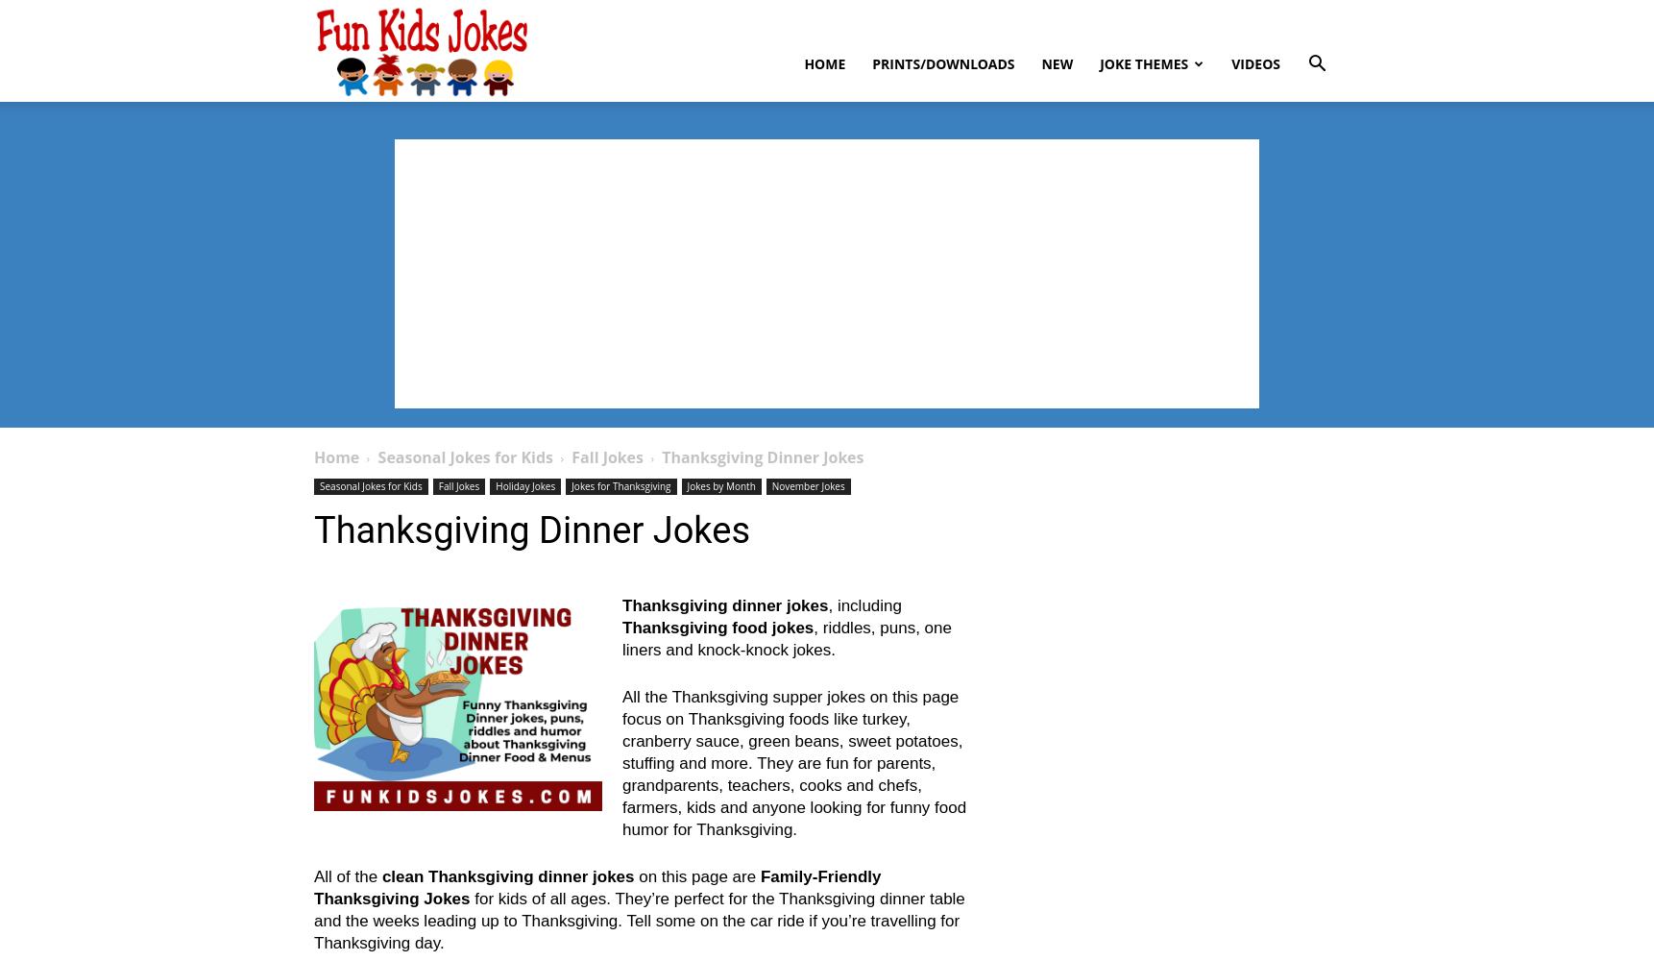 This screenshot has width=1654, height=961. I want to click on ', riddles, puns, one liners and knock-knock jokes.', so click(785, 639).